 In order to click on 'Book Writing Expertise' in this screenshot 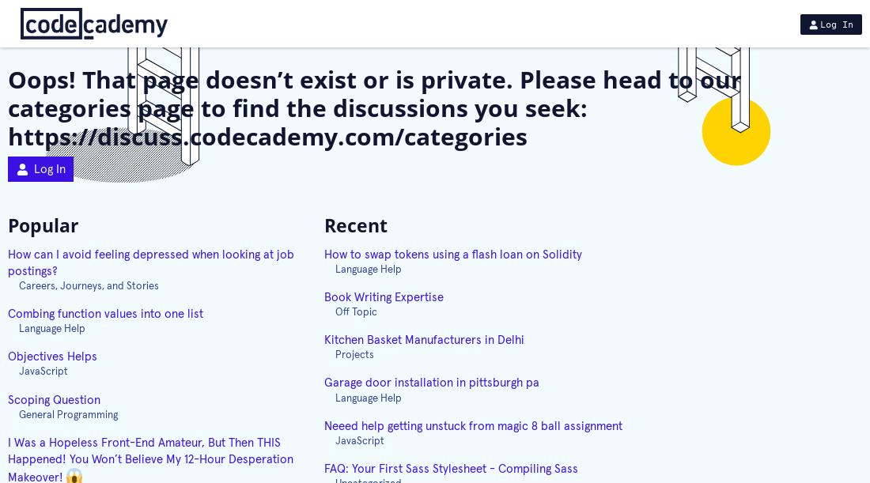, I will do `click(384, 296)`.